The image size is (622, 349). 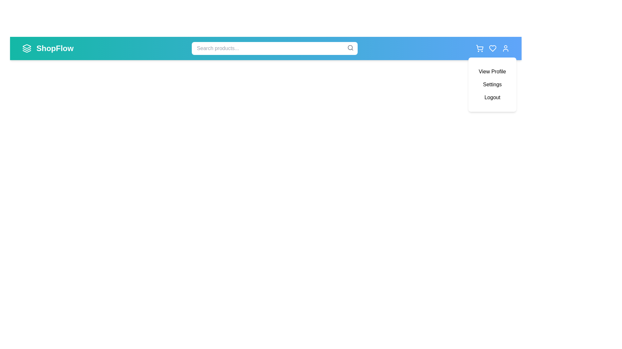 What do you see at coordinates (55, 48) in the screenshot?
I see `the branding text 'ShopFlow' located in the top left corner of the app bar` at bounding box center [55, 48].